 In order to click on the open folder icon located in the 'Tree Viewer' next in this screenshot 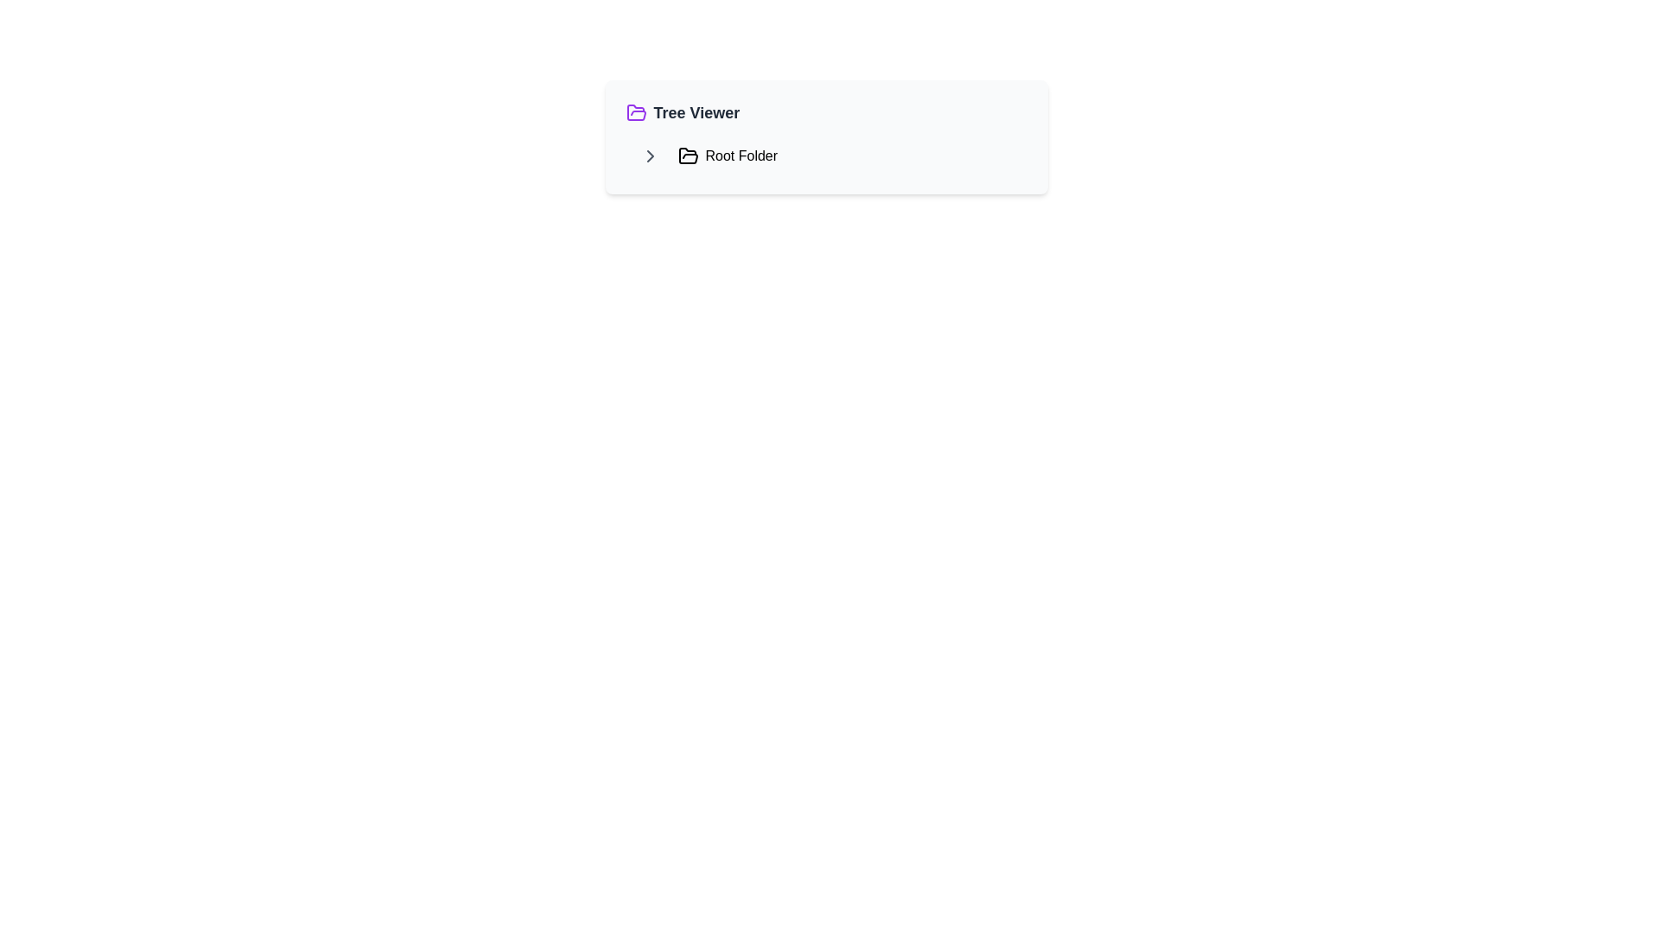, I will do `click(635, 112)`.